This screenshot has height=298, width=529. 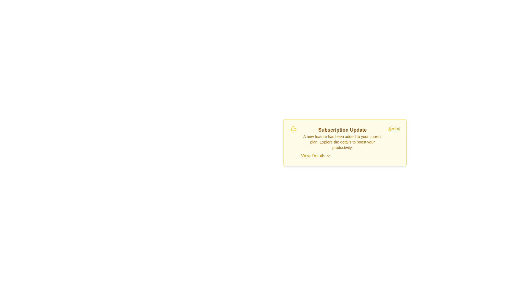 What do you see at coordinates (293, 129) in the screenshot?
I see `the notification icon to trigger its action` at bounding box center [293, 129].